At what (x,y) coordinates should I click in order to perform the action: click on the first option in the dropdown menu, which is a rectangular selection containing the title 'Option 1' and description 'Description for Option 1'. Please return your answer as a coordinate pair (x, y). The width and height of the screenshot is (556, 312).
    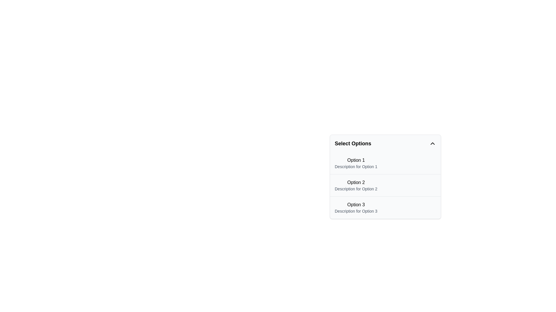
    Looking at the image, I should click on (385, 163).